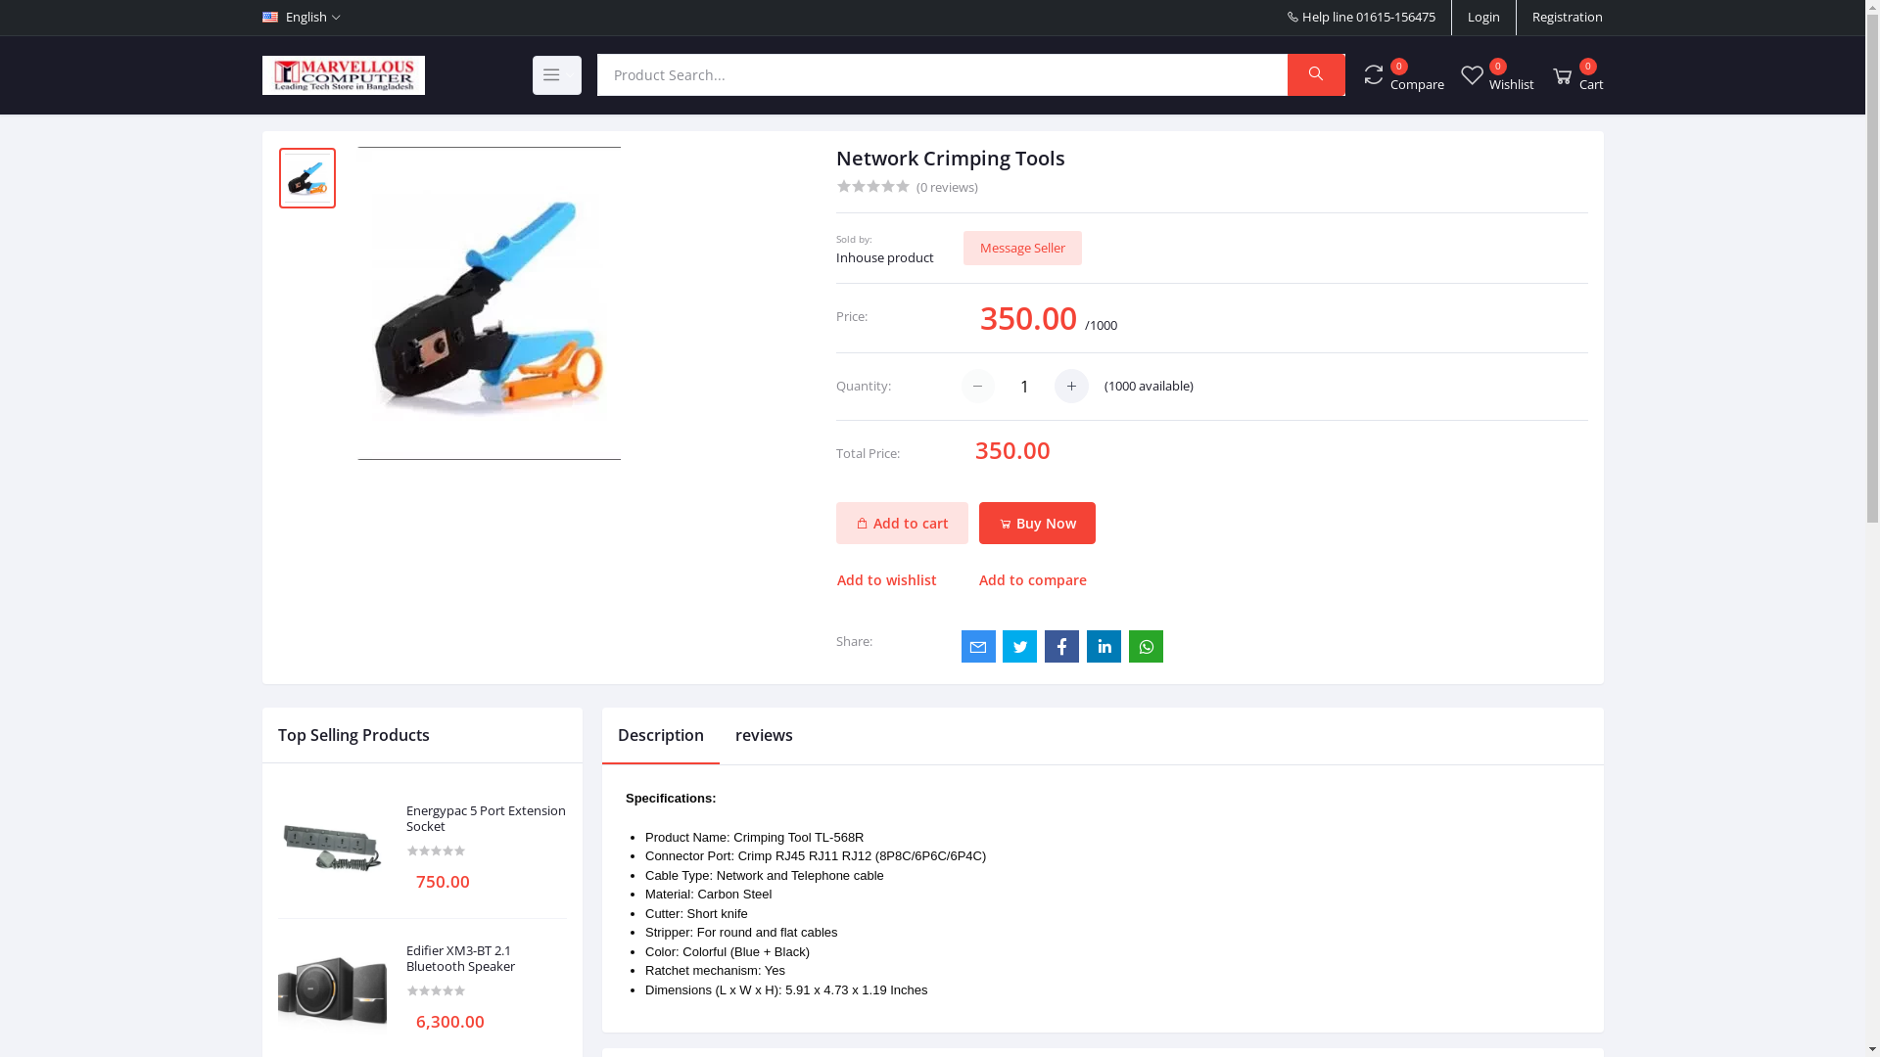 This screenshot has width=1880, height=1057. Describe the element at coordinates (1032, 579) in the screenshot. I see `'Add to compare'` at that location.